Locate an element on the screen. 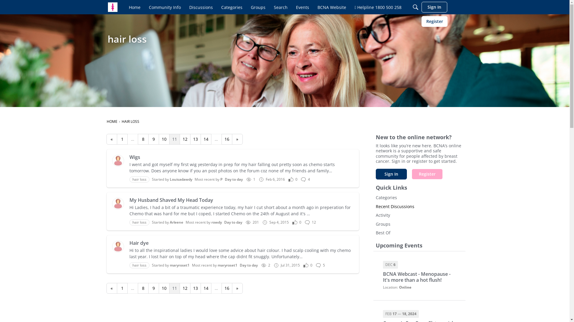 Image resolution: width=574 pixels, height=322 pixels. 'Sign In' is located at coordinates (434, 7).